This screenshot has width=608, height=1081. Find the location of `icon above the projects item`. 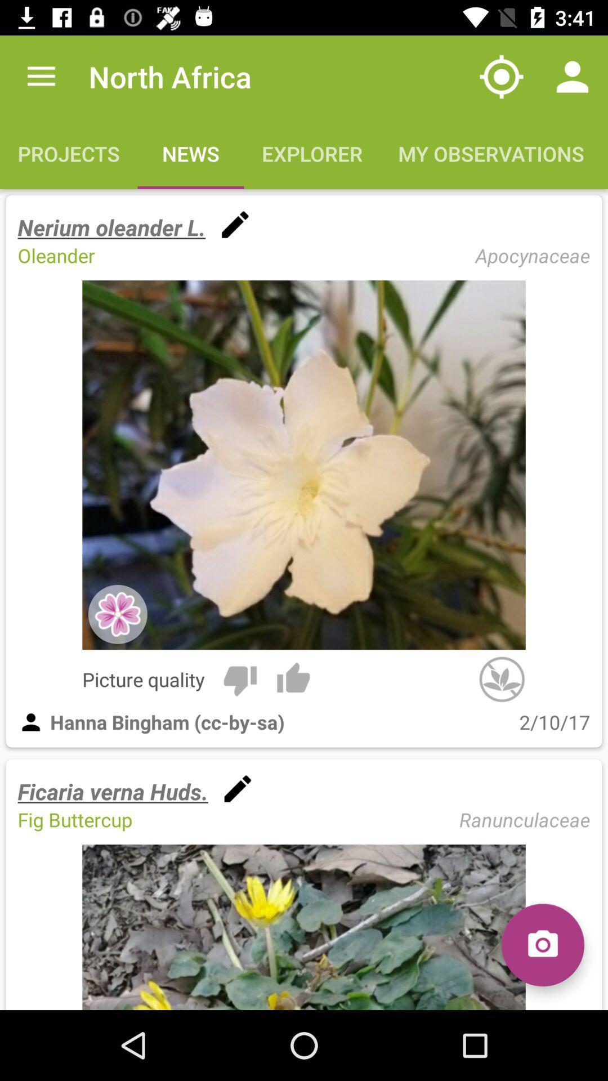

icon above the projects item is located at coordinates (41, 76).